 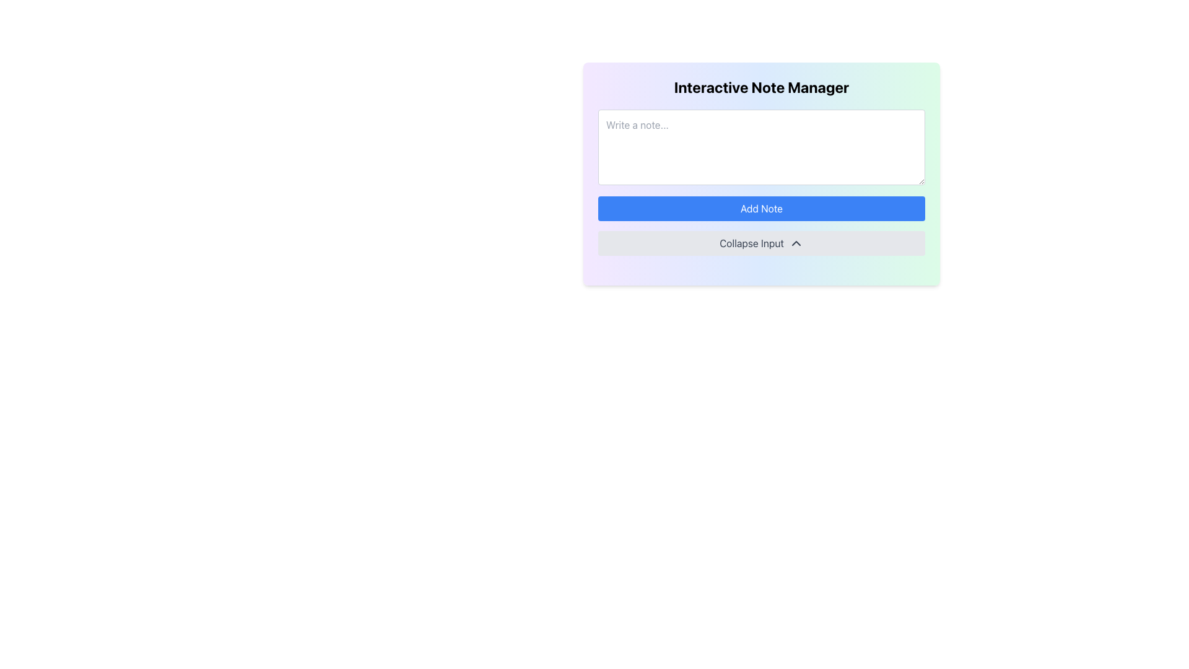 What do you see at coordinates (760, 208) in the screenshot?
I see `the button that adds a note, located below the multiline text area with placeholder text 'Write a note...' and above the 'Collapse Input' button` at bounding box center [760, 208].